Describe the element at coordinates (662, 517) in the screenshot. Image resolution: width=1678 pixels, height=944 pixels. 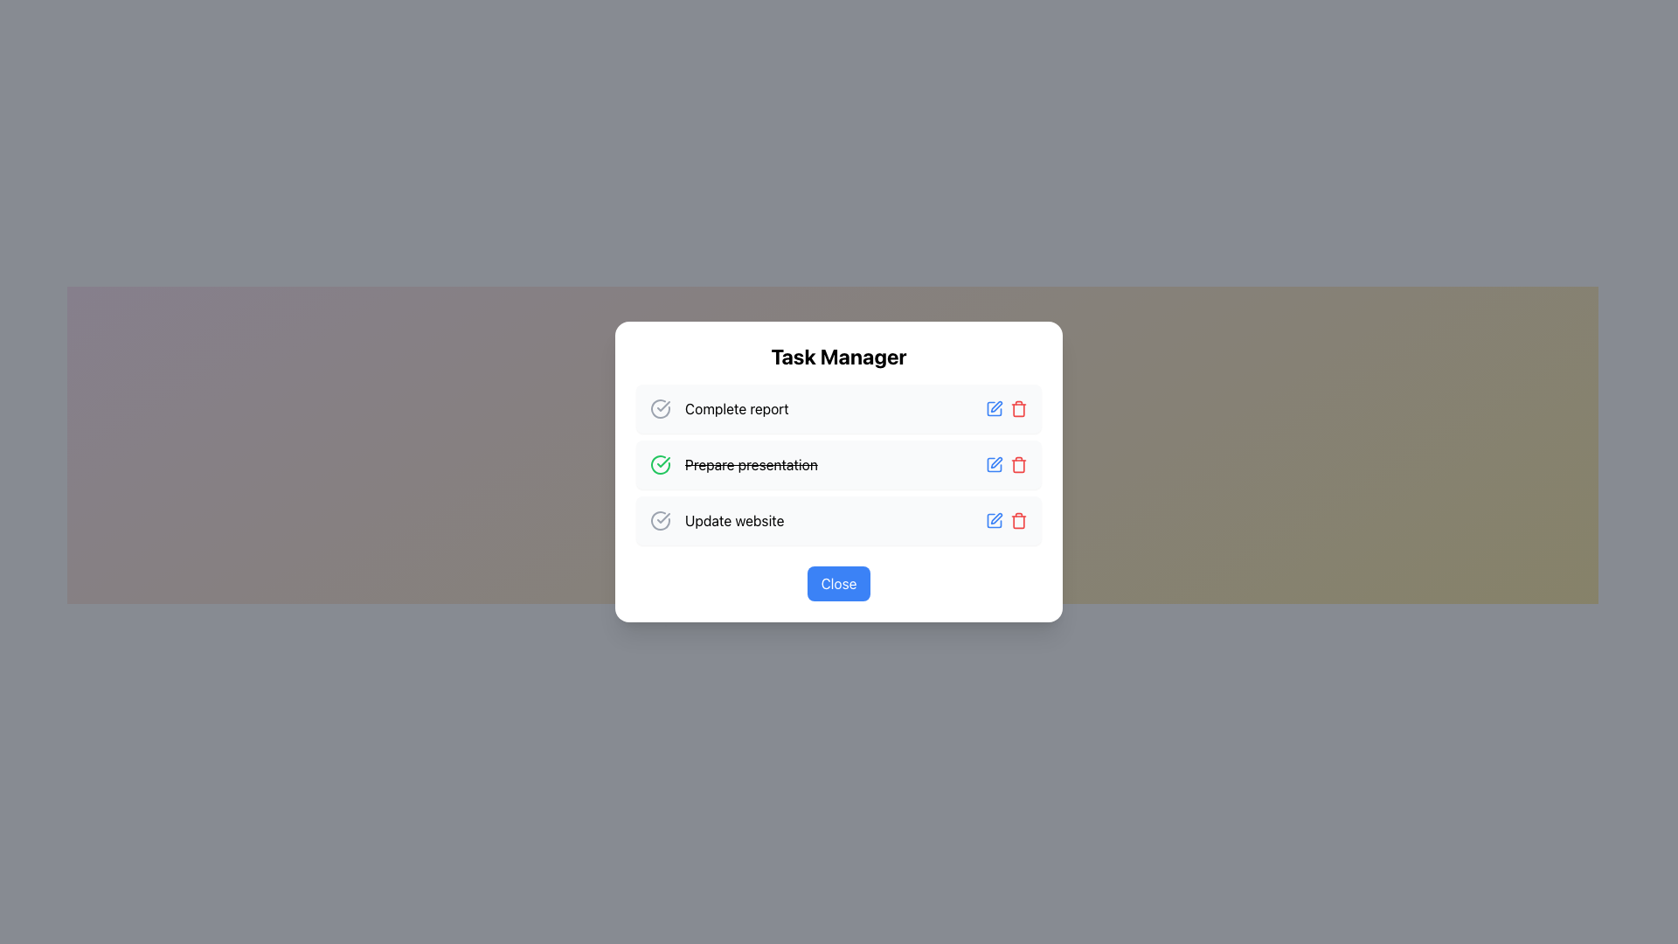
I see `the Vector graphic icon that indicates the completion status of a task, located to the left of the text 'Complete report'` at that location.